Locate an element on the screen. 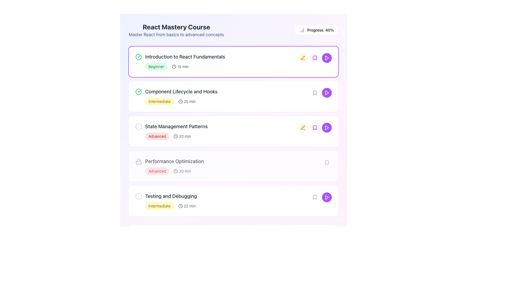 This screenshot has height=294, width=523. the triangular play button inside the purple circular button located to the right of the 'Introduction to React Fundamentals' course entry is located at coordinates (327, 92).